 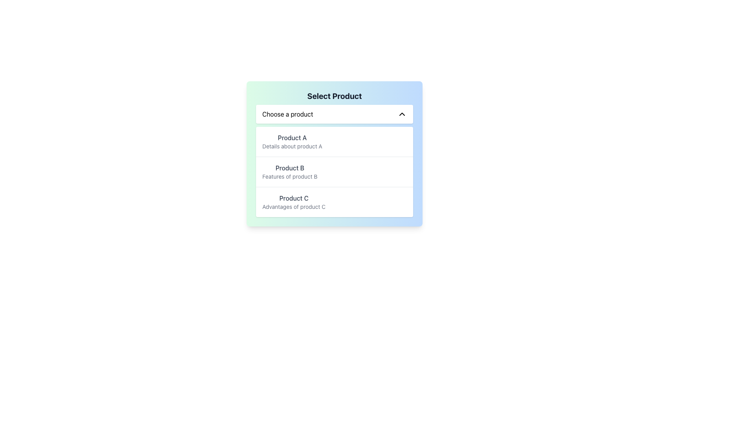 What do you see at coordinates (292, 142) in the screenshot?
I see `the selectable option 'Product A' in the dropdown menu under the header 'Choose a product'` at bounding box center [292, 142].